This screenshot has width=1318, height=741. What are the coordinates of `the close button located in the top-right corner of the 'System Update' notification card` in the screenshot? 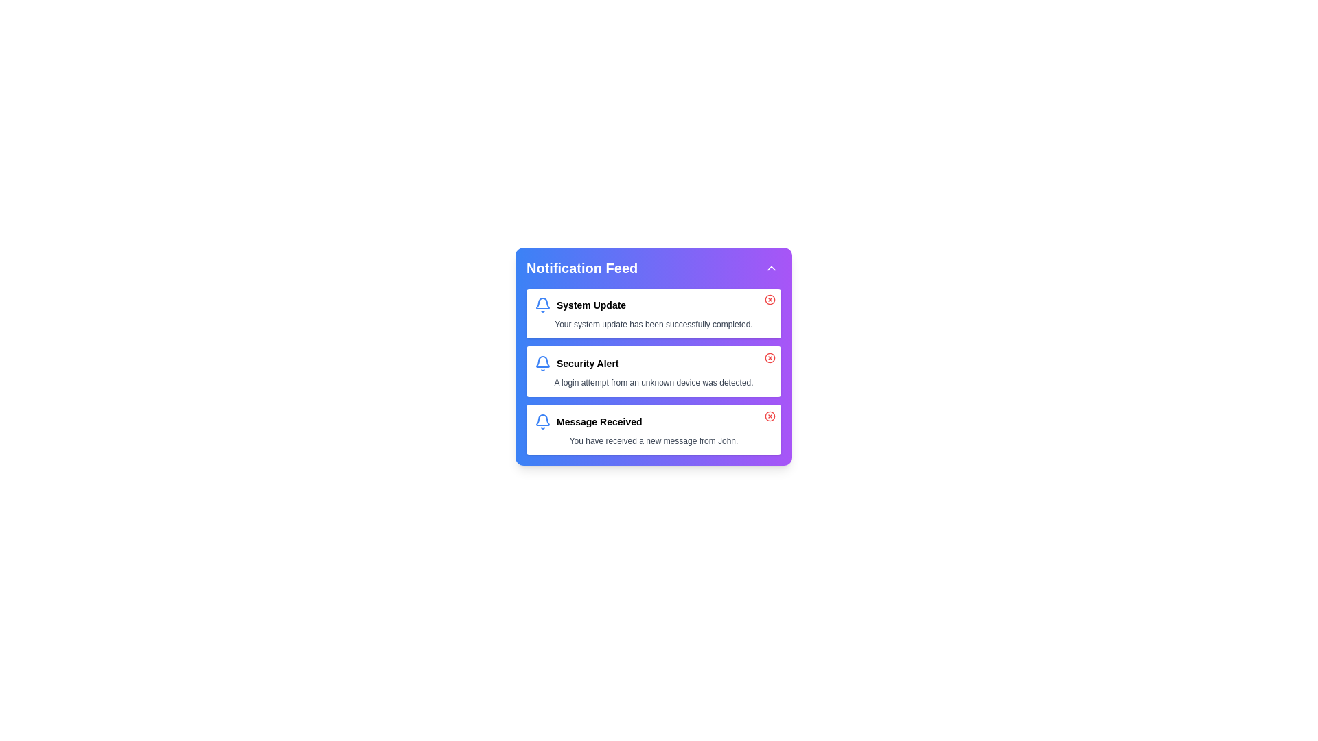 It's located at (770, 298).